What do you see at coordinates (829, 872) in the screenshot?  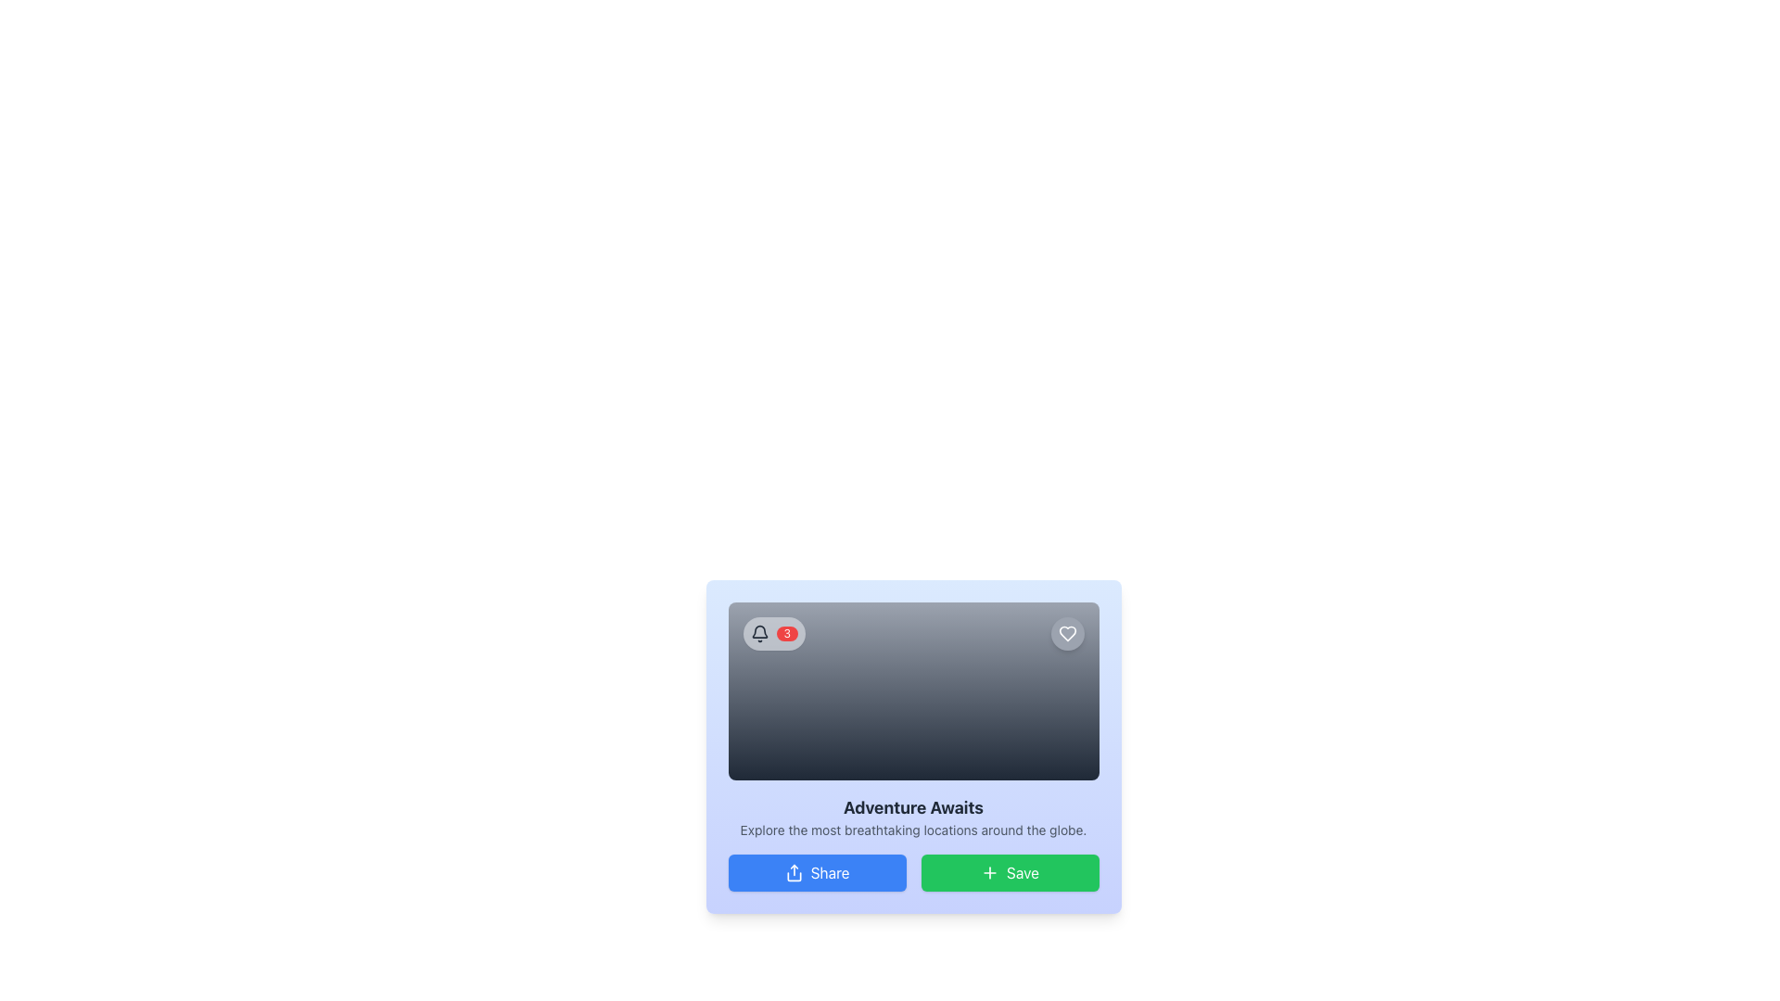 I see `text label displaying 'Share' in white font on a blue background, which is part of a button styled with rounded corners and located in the footer section of the interface` at bounding box center [829, 872].